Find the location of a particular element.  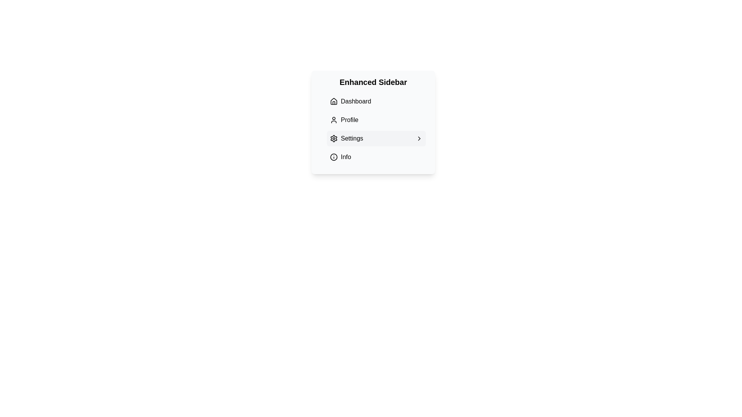

the 'Settings' navigation list item, which is the third option in the vertically arranged menu is located at coordinates (376, 138).